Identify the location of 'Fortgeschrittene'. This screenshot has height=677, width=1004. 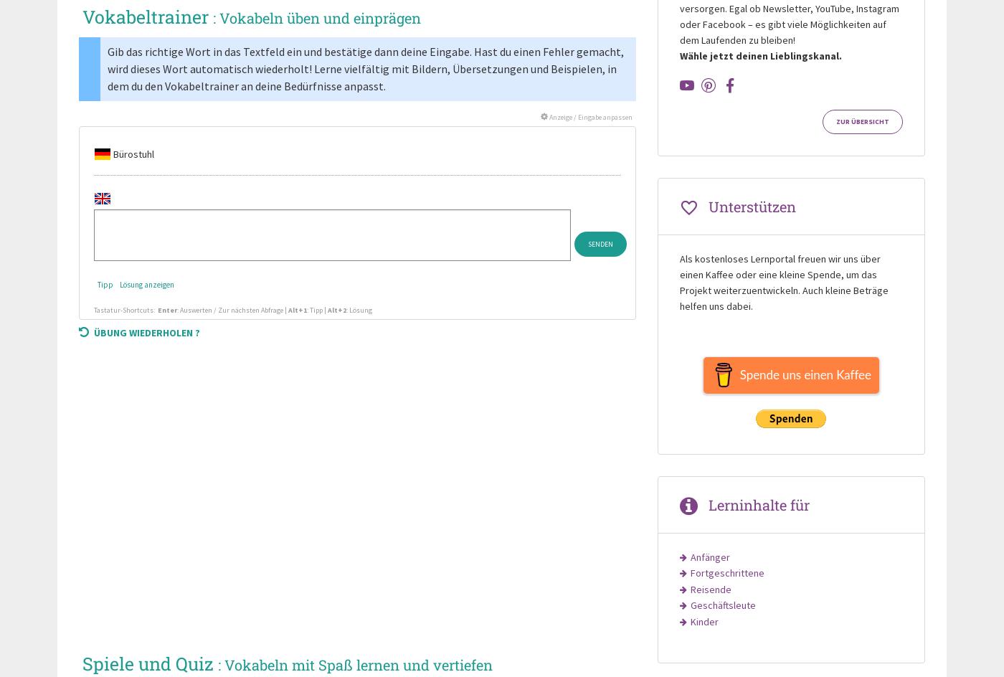
(726, 572).